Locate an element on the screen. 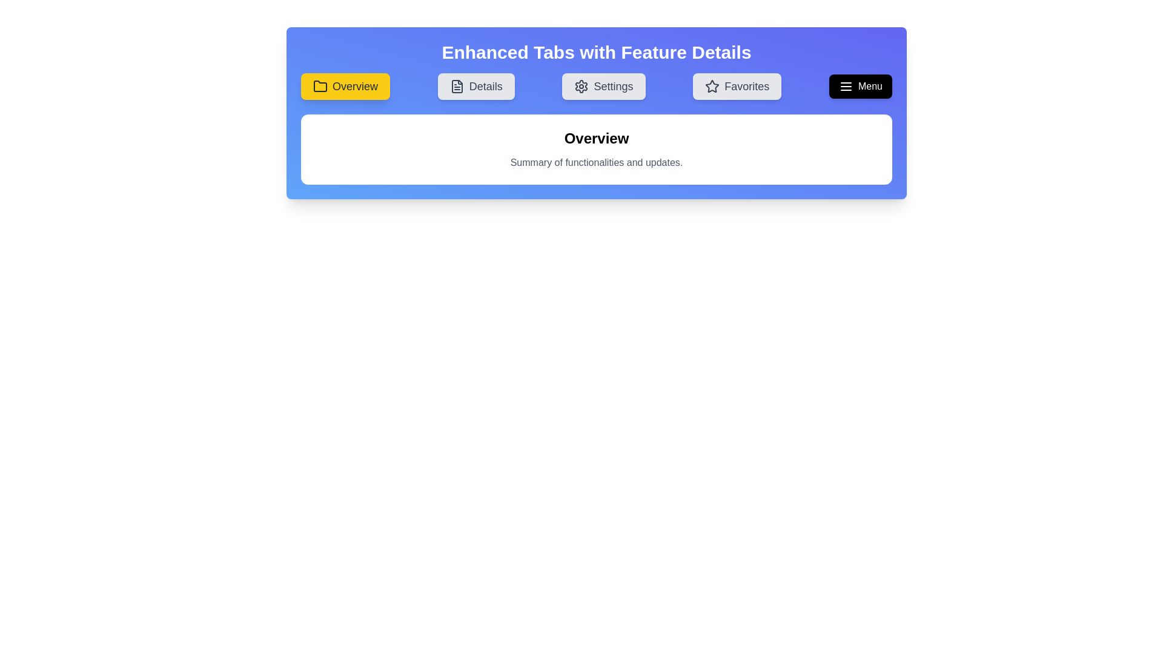  a tab in the navigation bar located beneath the title 'Enhanced Tabs with Feature Details' is located at coordinates (596, 85).